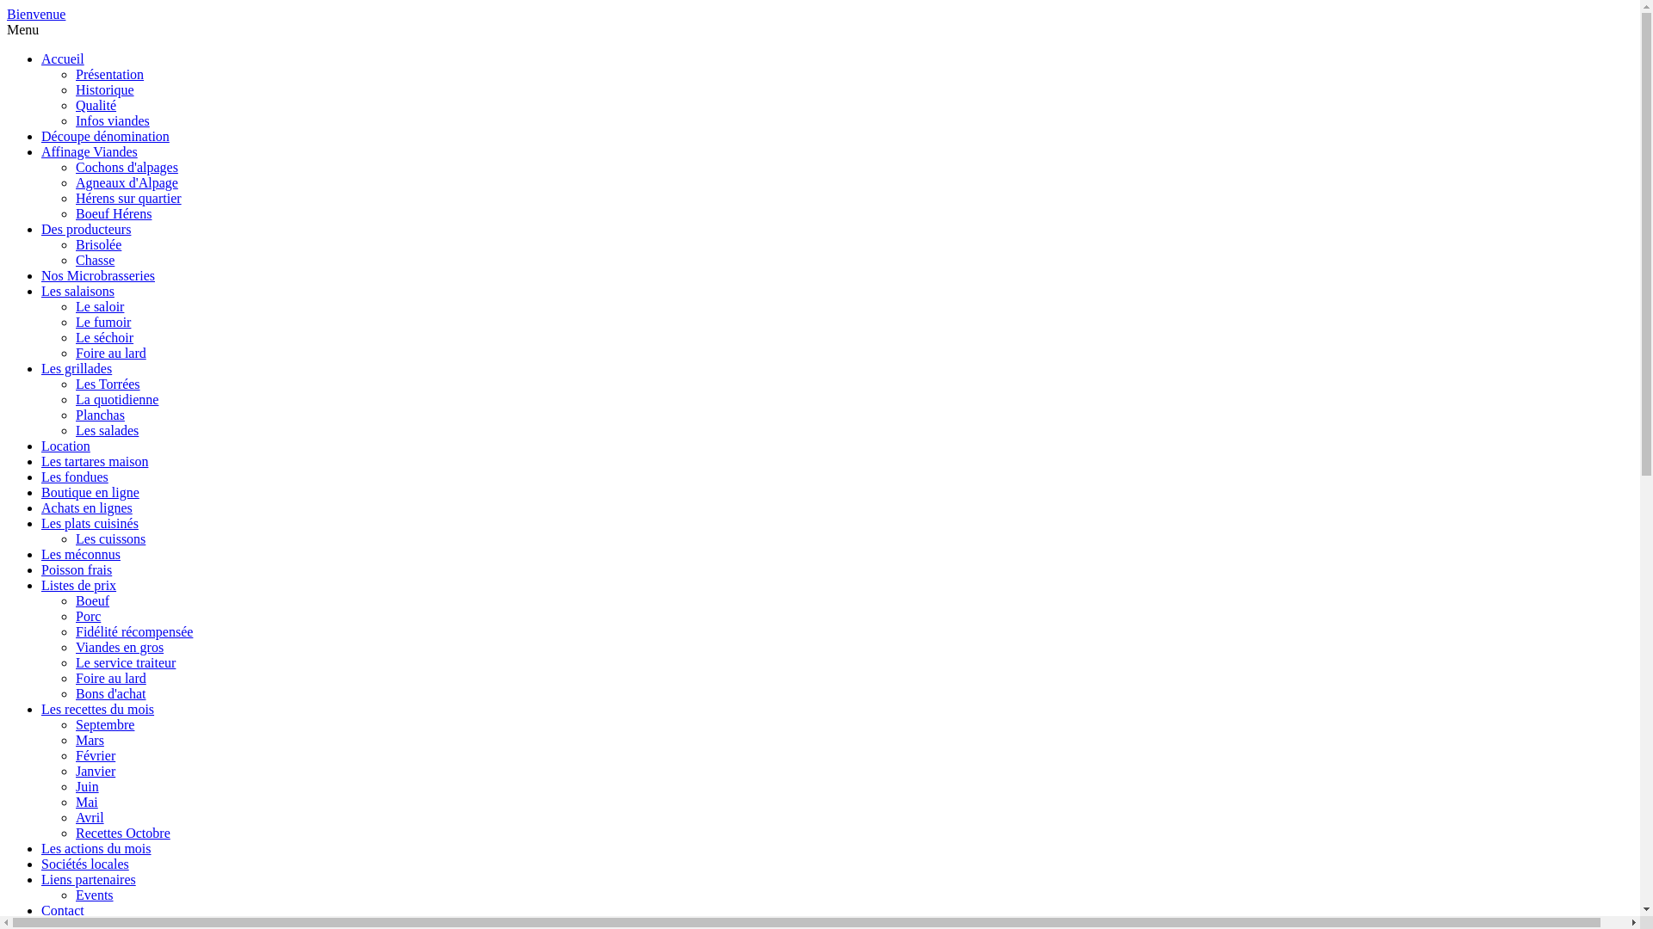  I want to click on 'Historique', so click(103, 89).